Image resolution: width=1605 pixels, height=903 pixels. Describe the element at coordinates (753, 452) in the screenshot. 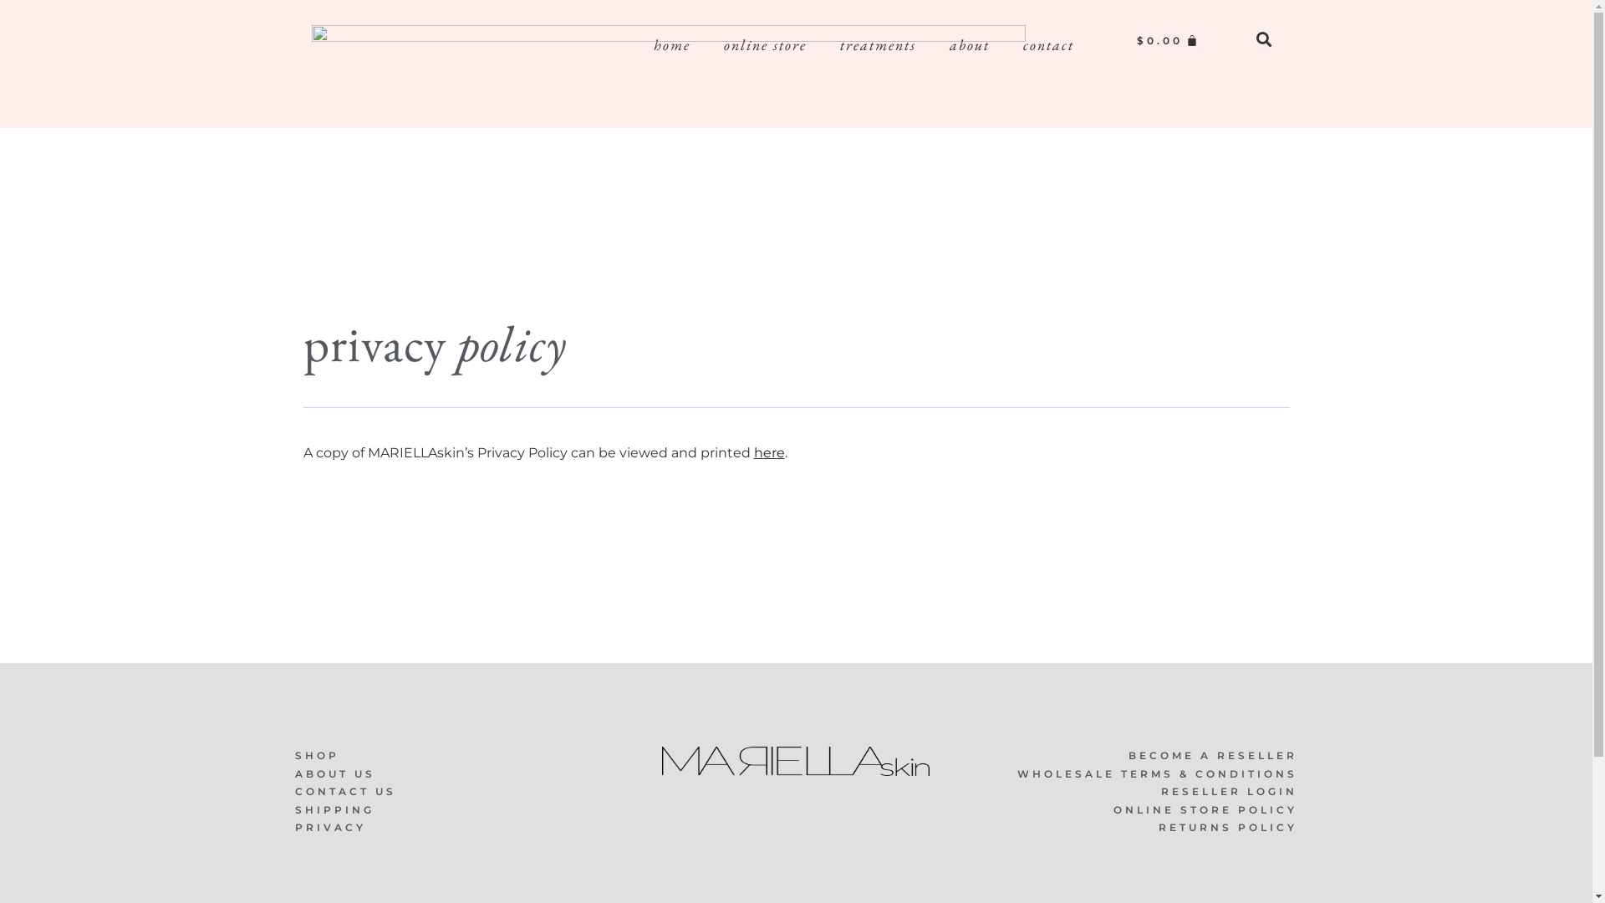

I see `'here'` at that location.